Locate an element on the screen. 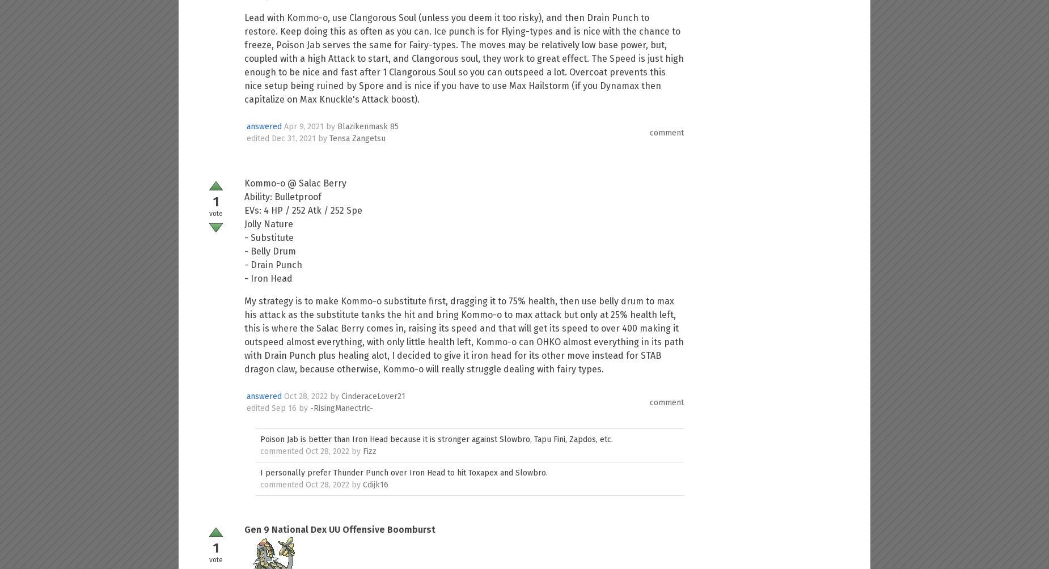 This screenshot has height=569, width=1049. '- Iron Head' is located at coordinates (268, 278).